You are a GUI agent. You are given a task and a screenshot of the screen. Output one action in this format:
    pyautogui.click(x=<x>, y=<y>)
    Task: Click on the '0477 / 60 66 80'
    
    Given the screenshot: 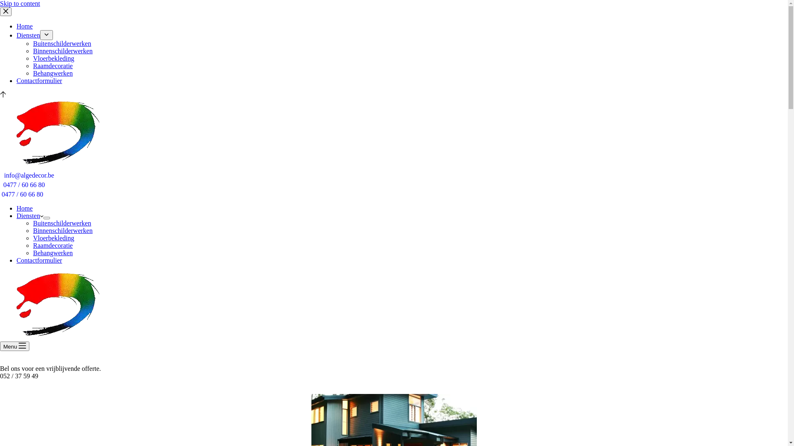 What is the action you would take?
    pyautogui.click(x=24, y=184)
    